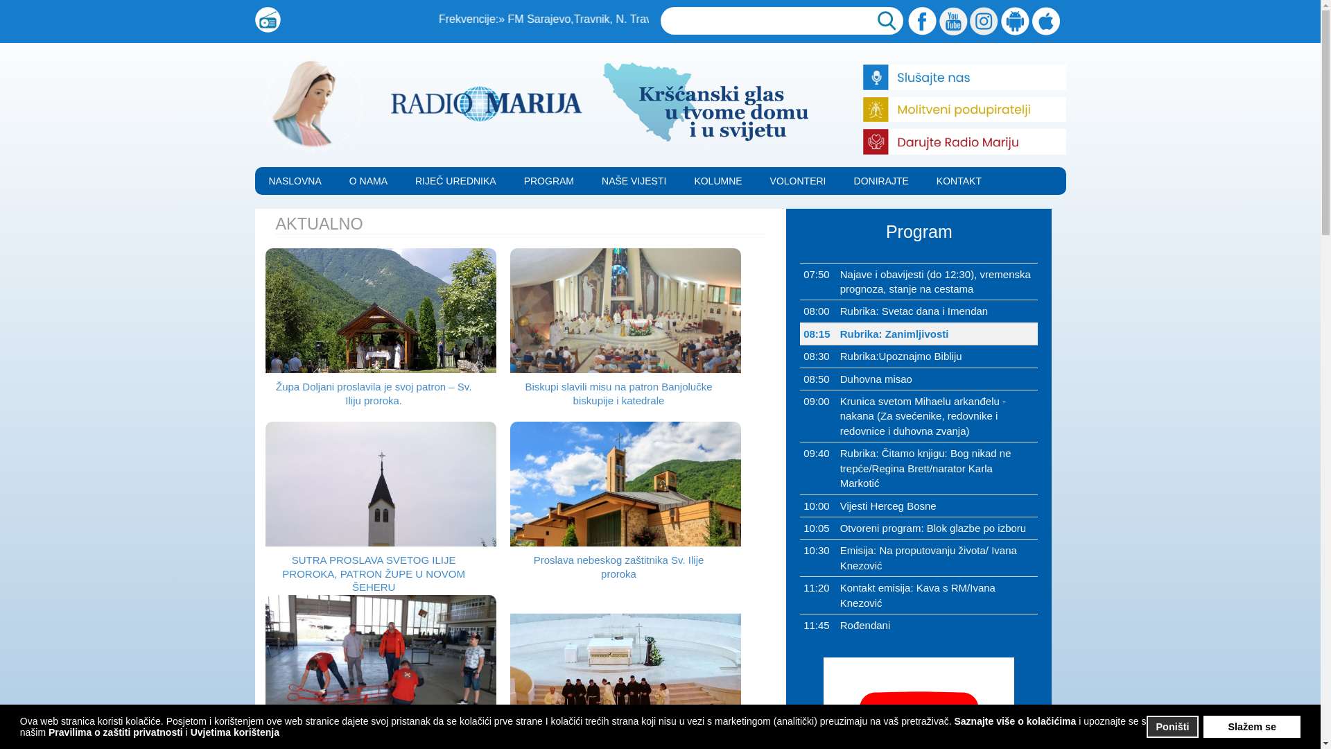 This screenshot has width=1331, height=749. What do you see at coordinates (548, 180) in the screenshot?
I see `'PROGRAM'` at bounding box center [548, 180].